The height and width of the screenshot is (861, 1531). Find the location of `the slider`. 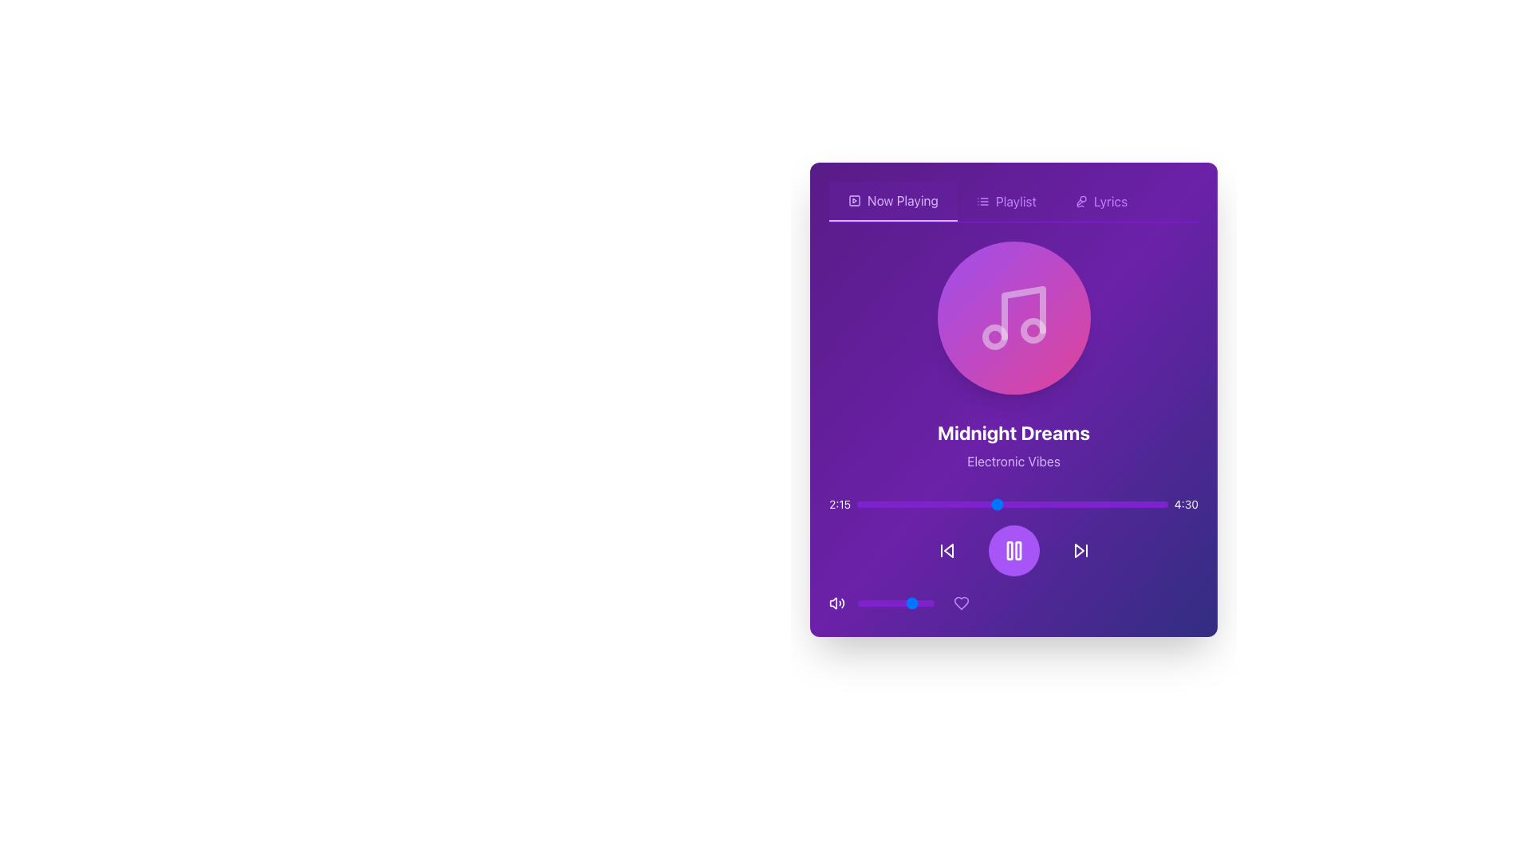

the slider is located at coordinates (868, 504).